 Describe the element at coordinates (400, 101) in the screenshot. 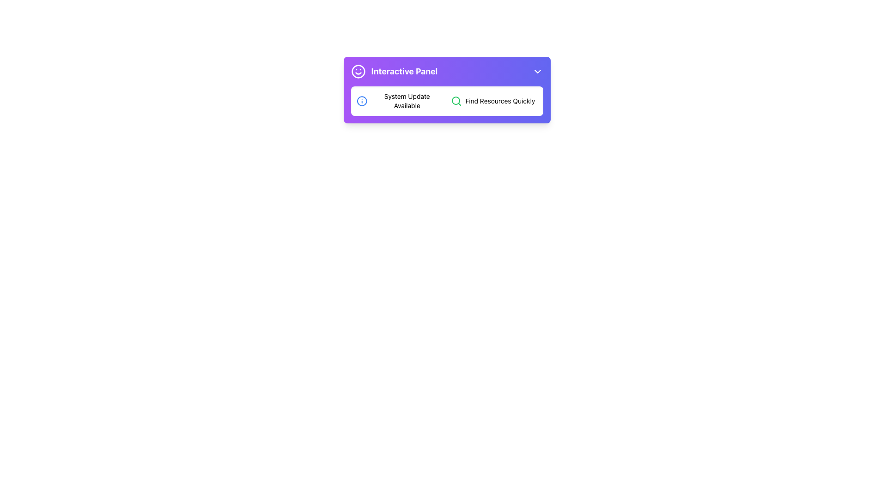

I see `the static text element displaying 'System Update Available' with the blue information icon to its left` at that location.